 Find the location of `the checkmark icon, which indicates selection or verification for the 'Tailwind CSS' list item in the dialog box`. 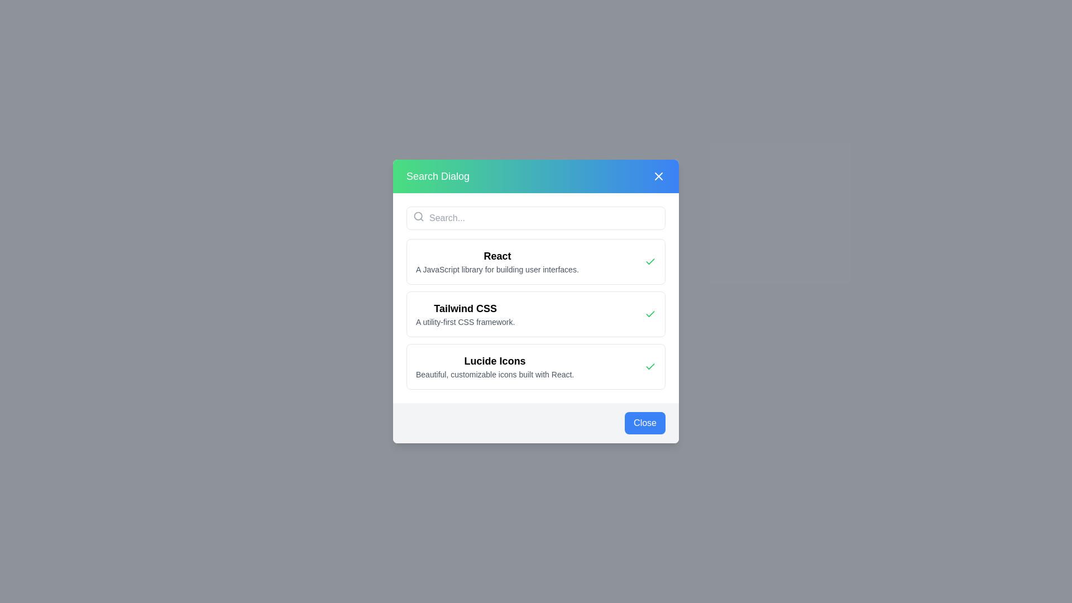

the checkmark icon, which indicates selection or verification for the 'Tailwind CSS' list item in the dialog box is located at coordinates (650, 366).